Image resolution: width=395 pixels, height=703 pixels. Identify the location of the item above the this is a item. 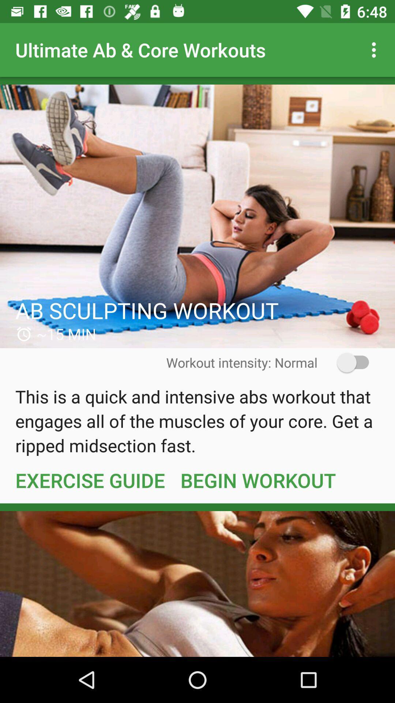
(348, 362).